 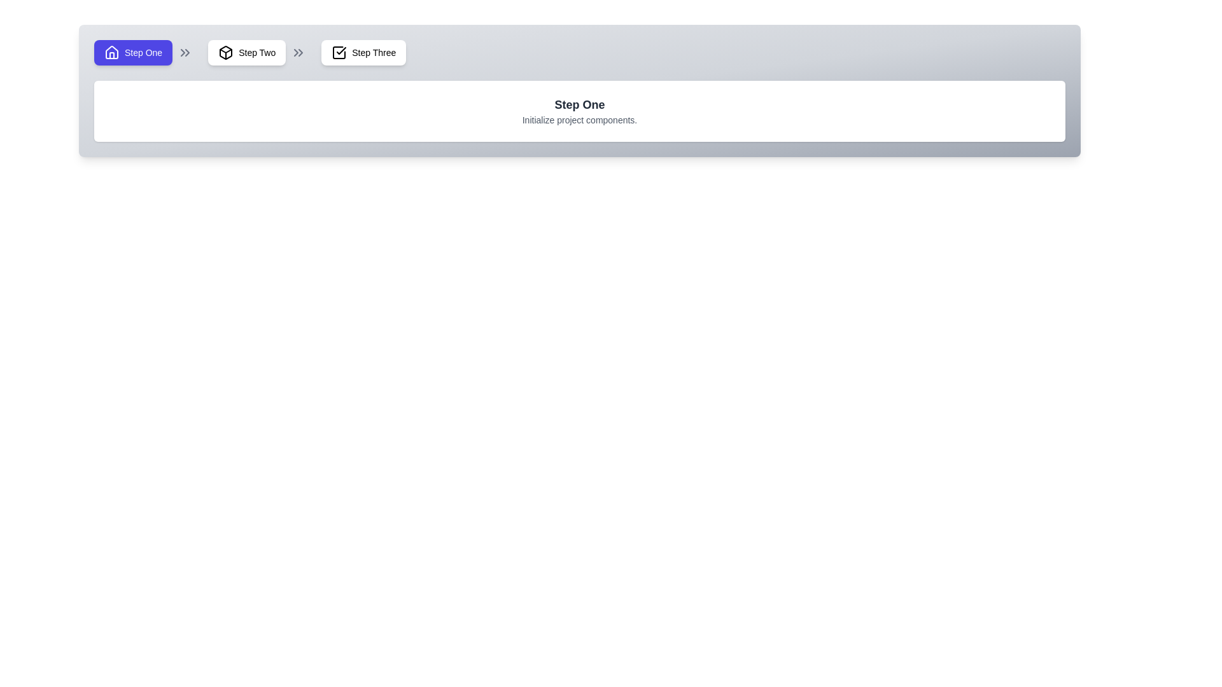 What do you see at coordinates (112, 55) in the screenshot?
I see `the vertical line representing the door within the house-shaped icon, which is part of the navigation button labeled 'Step One'` at bounding box center [112, 55].